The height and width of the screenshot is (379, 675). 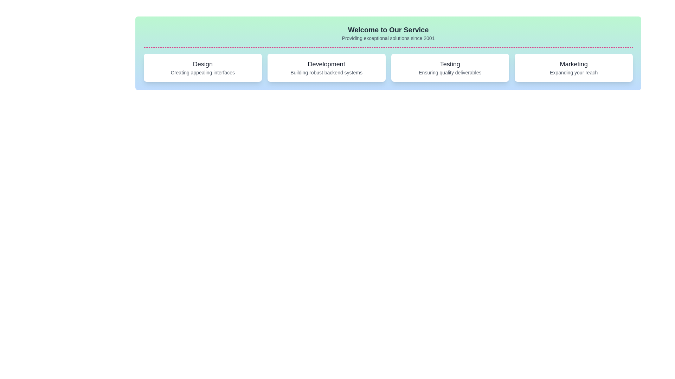 I want to click on visual content of the Informational card that presents marketing information, positioned as the fourth card in a horizontal grid layout, immediately to the right of the 'Testing' card, so click(x=574, y=67).